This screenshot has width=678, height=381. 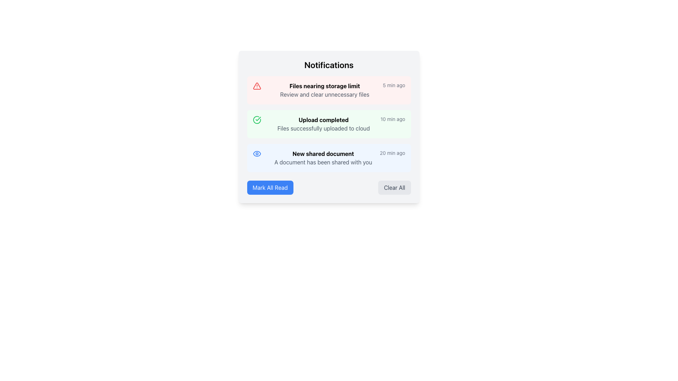 What do you see at coordinates (393, 85) in the screenshot?
I see `the label that indicates the relative time of the notification regarding 'Files nearing storage limit'` at bounding box center [393, 85].